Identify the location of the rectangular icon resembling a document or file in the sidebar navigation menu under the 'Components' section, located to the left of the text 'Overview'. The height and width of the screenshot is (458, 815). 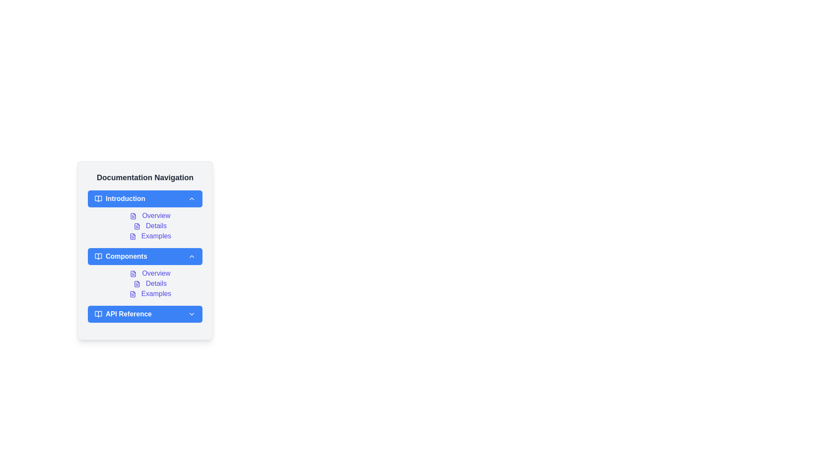
(133, 274).